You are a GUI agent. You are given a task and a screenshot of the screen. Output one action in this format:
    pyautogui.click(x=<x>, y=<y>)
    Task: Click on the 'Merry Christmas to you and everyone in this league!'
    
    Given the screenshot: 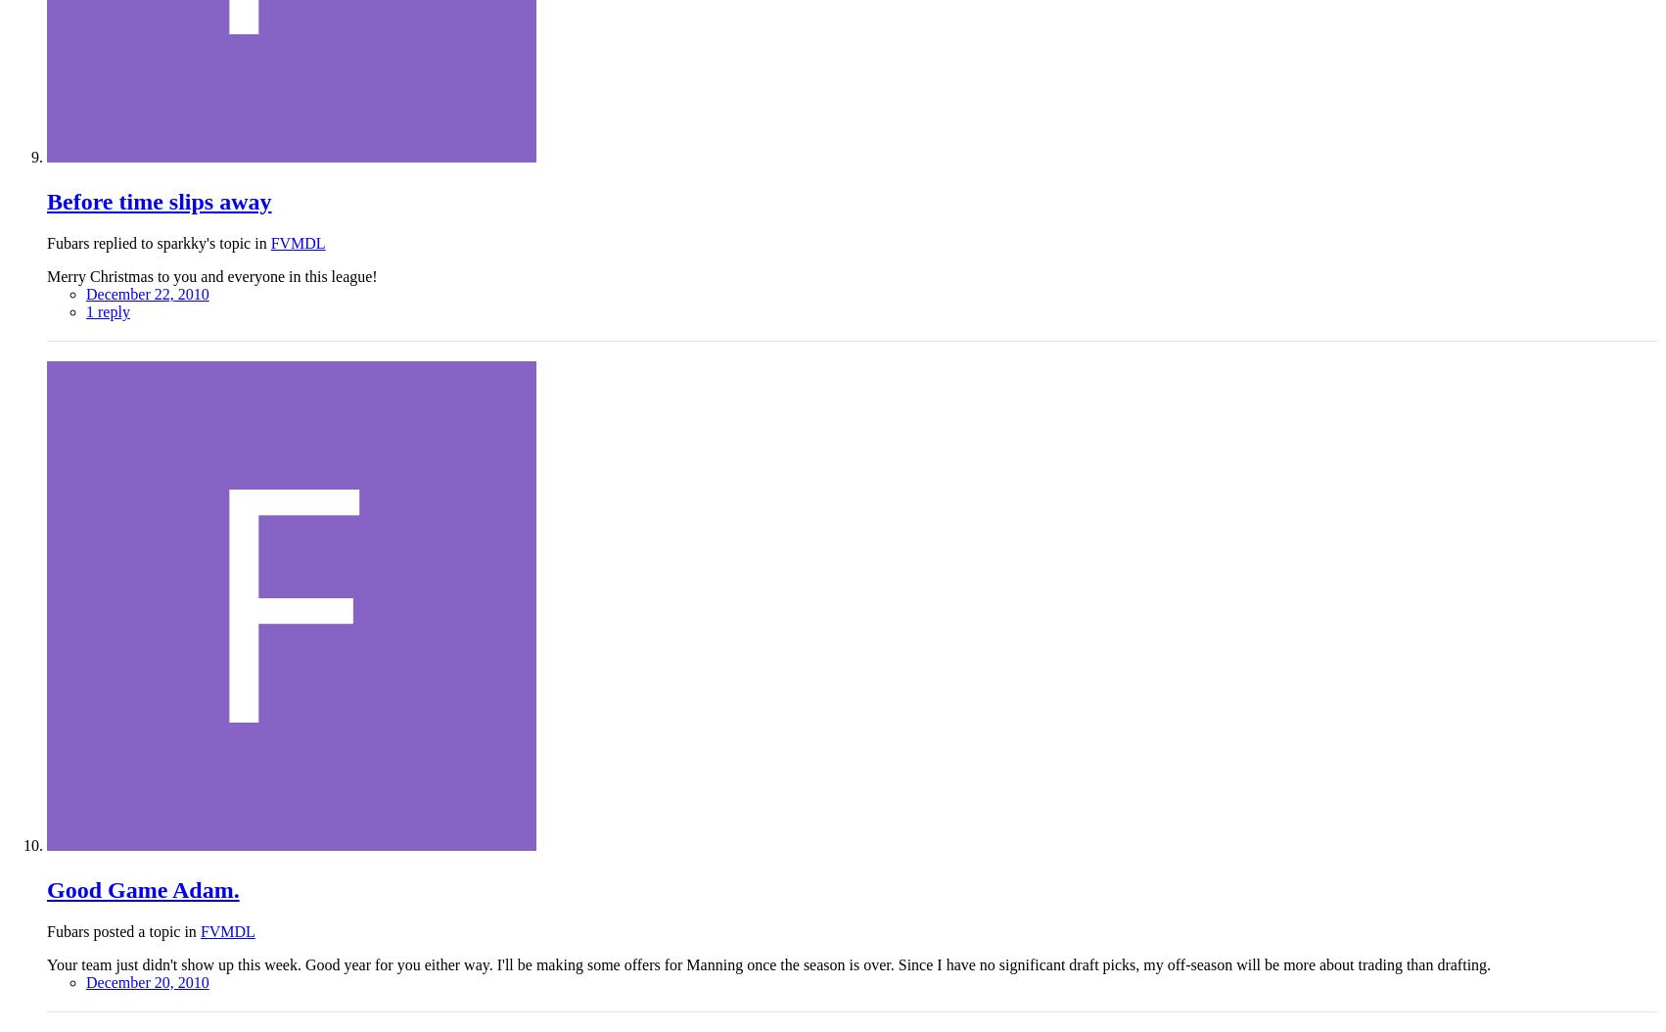 What is the action you would take?
    pyautogui.click(x=210, y=275)
    